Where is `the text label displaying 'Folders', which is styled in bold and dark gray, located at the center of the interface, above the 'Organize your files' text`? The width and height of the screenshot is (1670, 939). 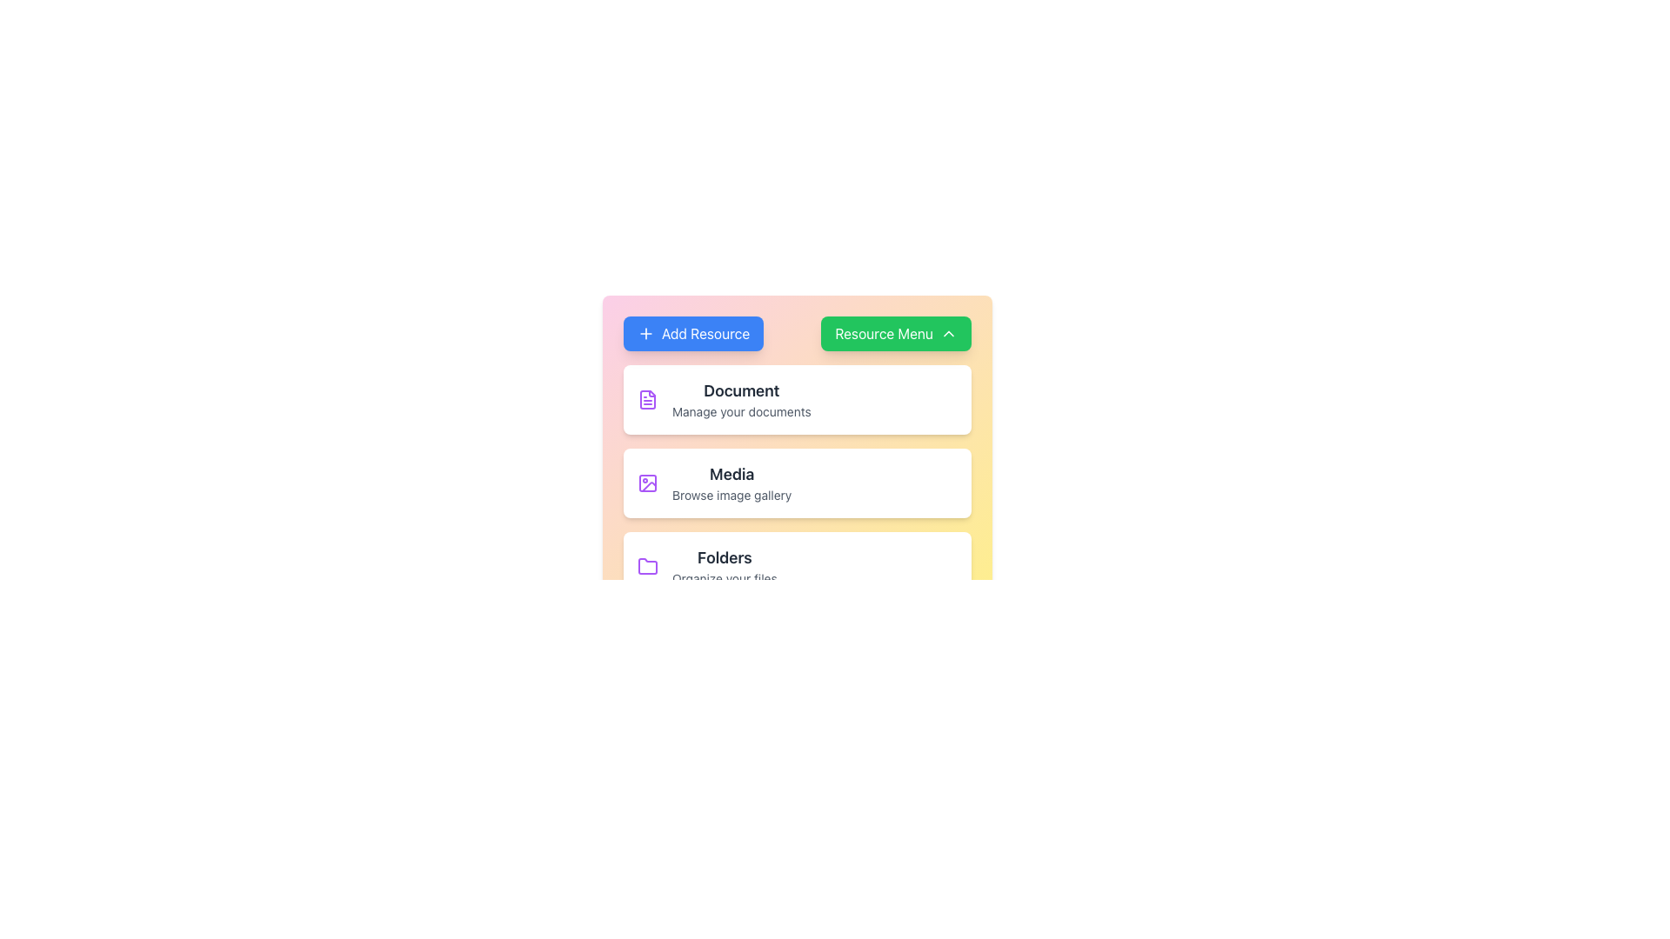 the text label displaying 'Folders', which is styled in bold and dark gray, located at the center of the interface, above the 'Organize your files' text is located at coordinates (725, 557).